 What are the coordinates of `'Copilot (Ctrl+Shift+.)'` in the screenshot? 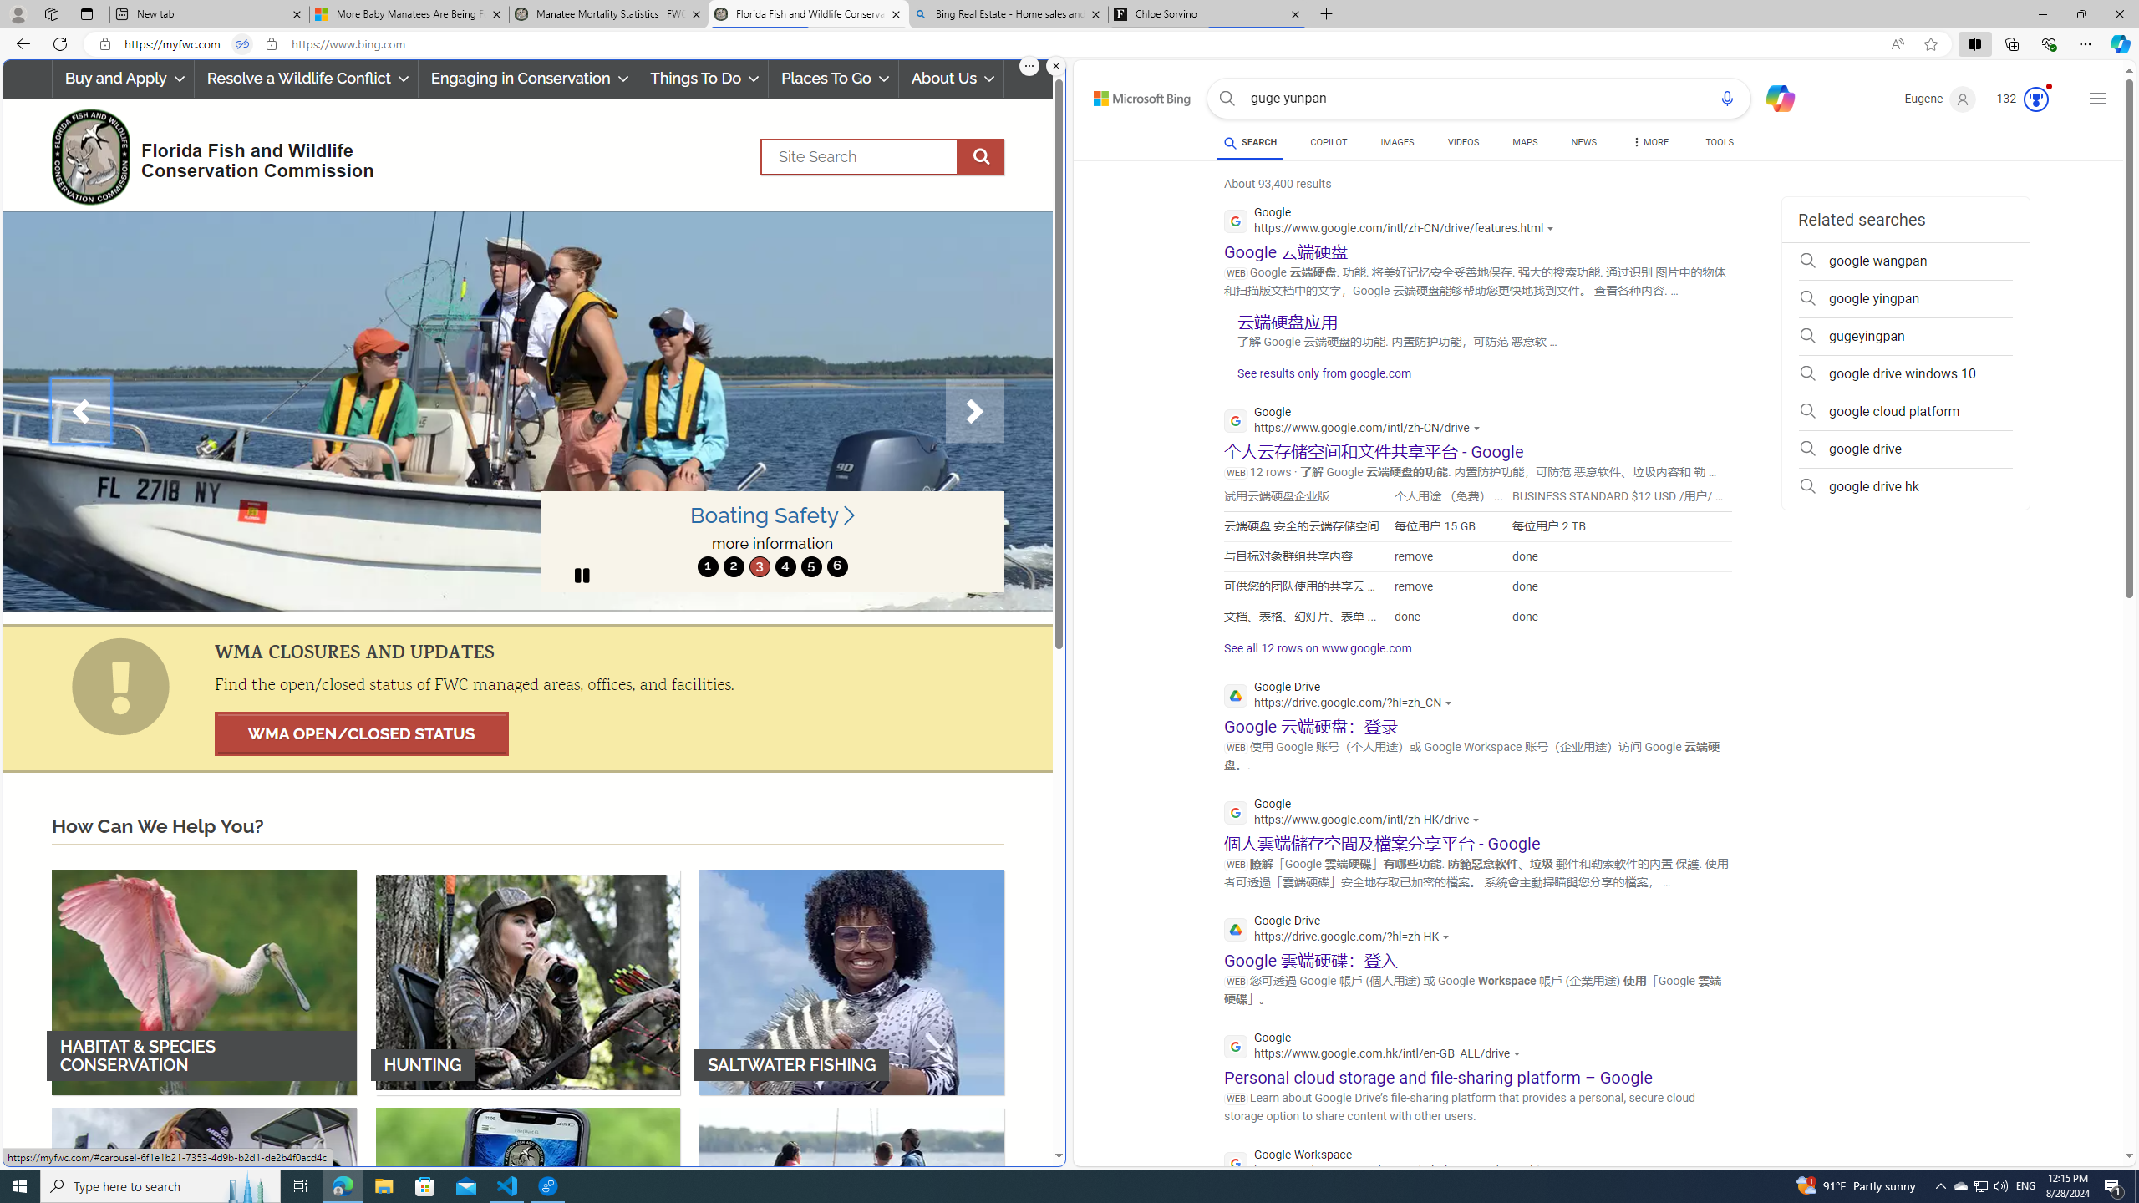 It's located at (2118, 43).